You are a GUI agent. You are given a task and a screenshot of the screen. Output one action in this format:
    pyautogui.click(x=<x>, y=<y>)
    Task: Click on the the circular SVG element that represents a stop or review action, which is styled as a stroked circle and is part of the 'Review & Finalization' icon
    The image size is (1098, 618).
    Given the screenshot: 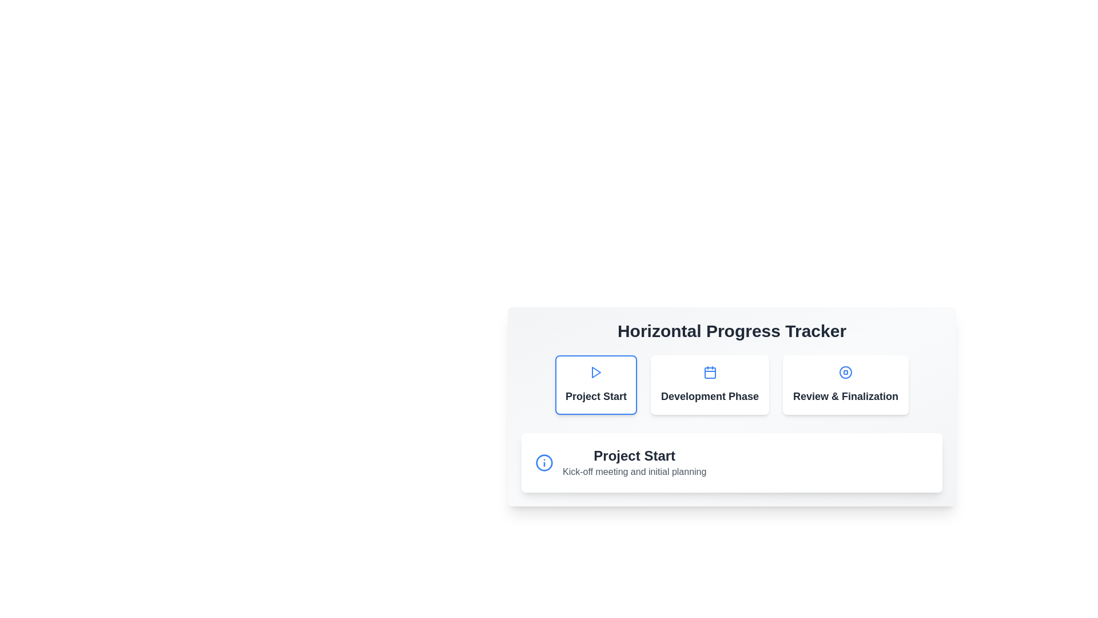 What is the action you would take?
    pyautogui.click(x=845, y=373)
    